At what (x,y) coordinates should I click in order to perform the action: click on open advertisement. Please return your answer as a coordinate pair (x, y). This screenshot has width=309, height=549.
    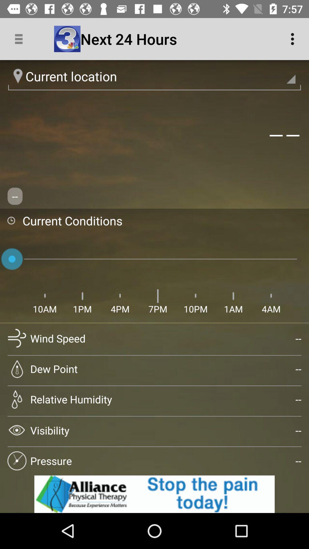
    Looking at the image, I should click on (154, 494).